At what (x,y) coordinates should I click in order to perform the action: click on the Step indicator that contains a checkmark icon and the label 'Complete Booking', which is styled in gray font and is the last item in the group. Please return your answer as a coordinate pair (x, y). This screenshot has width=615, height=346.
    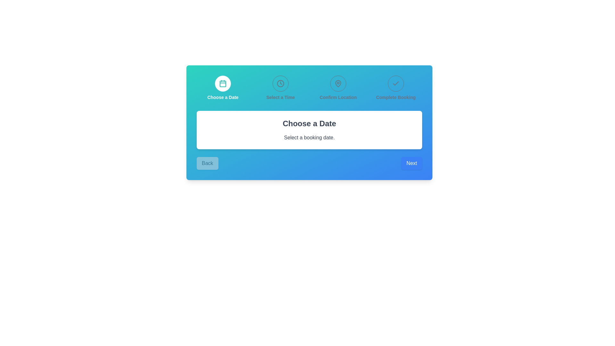
    Looking at the image, I should click on (396, 88).